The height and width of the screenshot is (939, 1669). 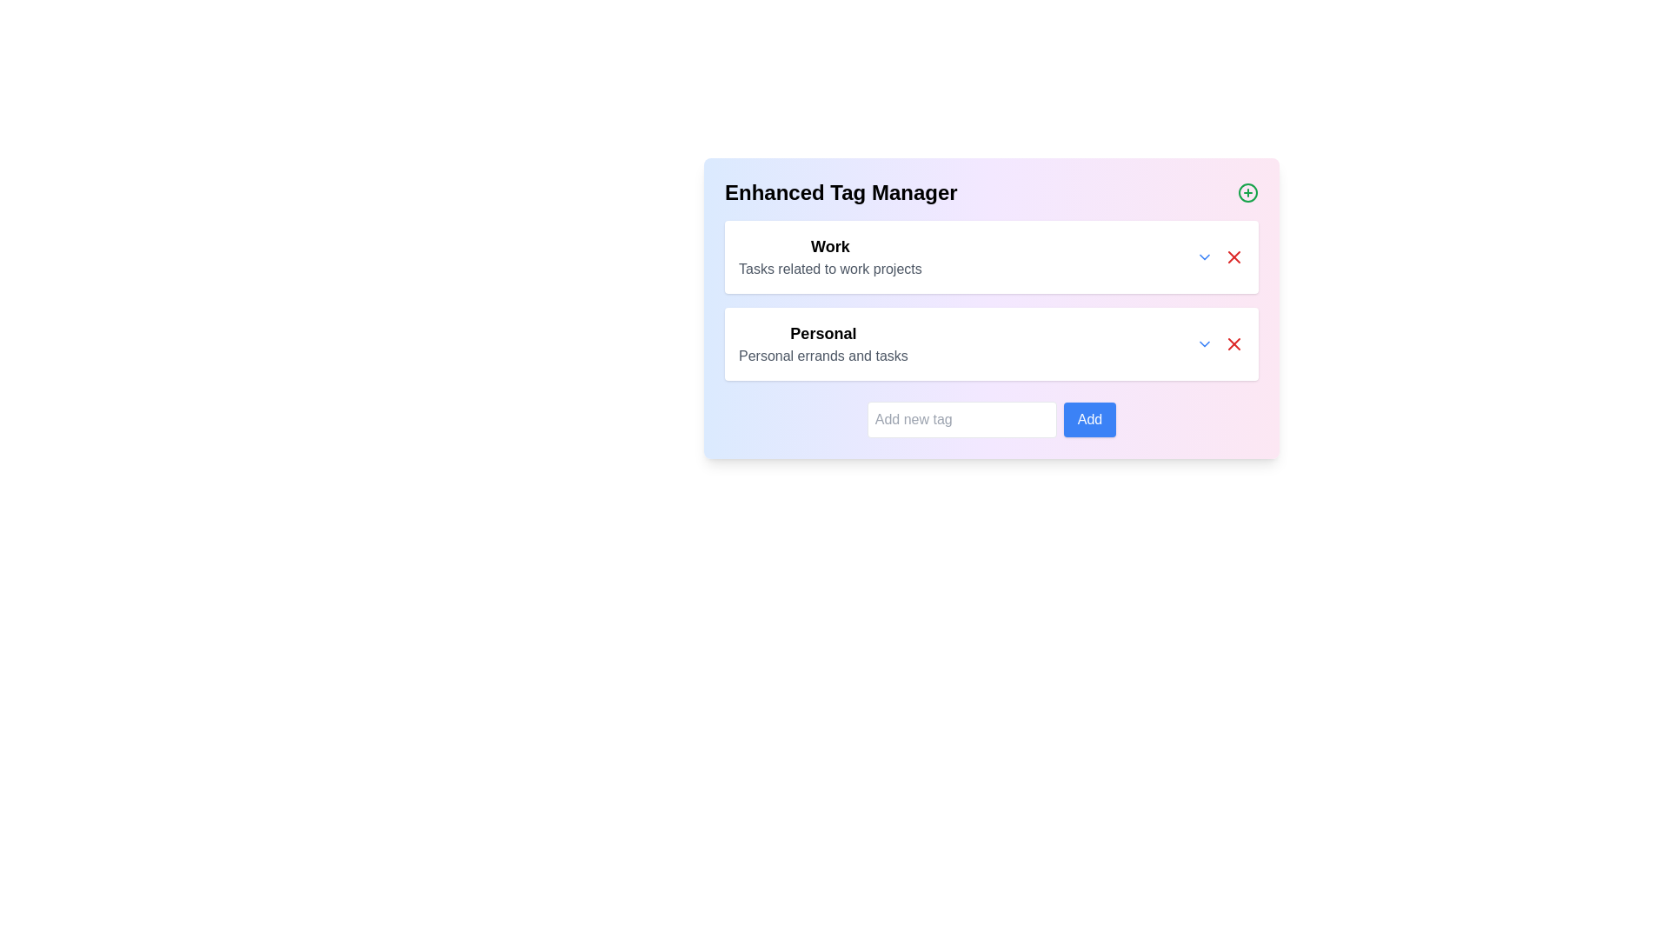 I want to click on the dropdown icons in the categorized listing area of the 'Enhanced Tag Manager', so click(x=992, y=300).